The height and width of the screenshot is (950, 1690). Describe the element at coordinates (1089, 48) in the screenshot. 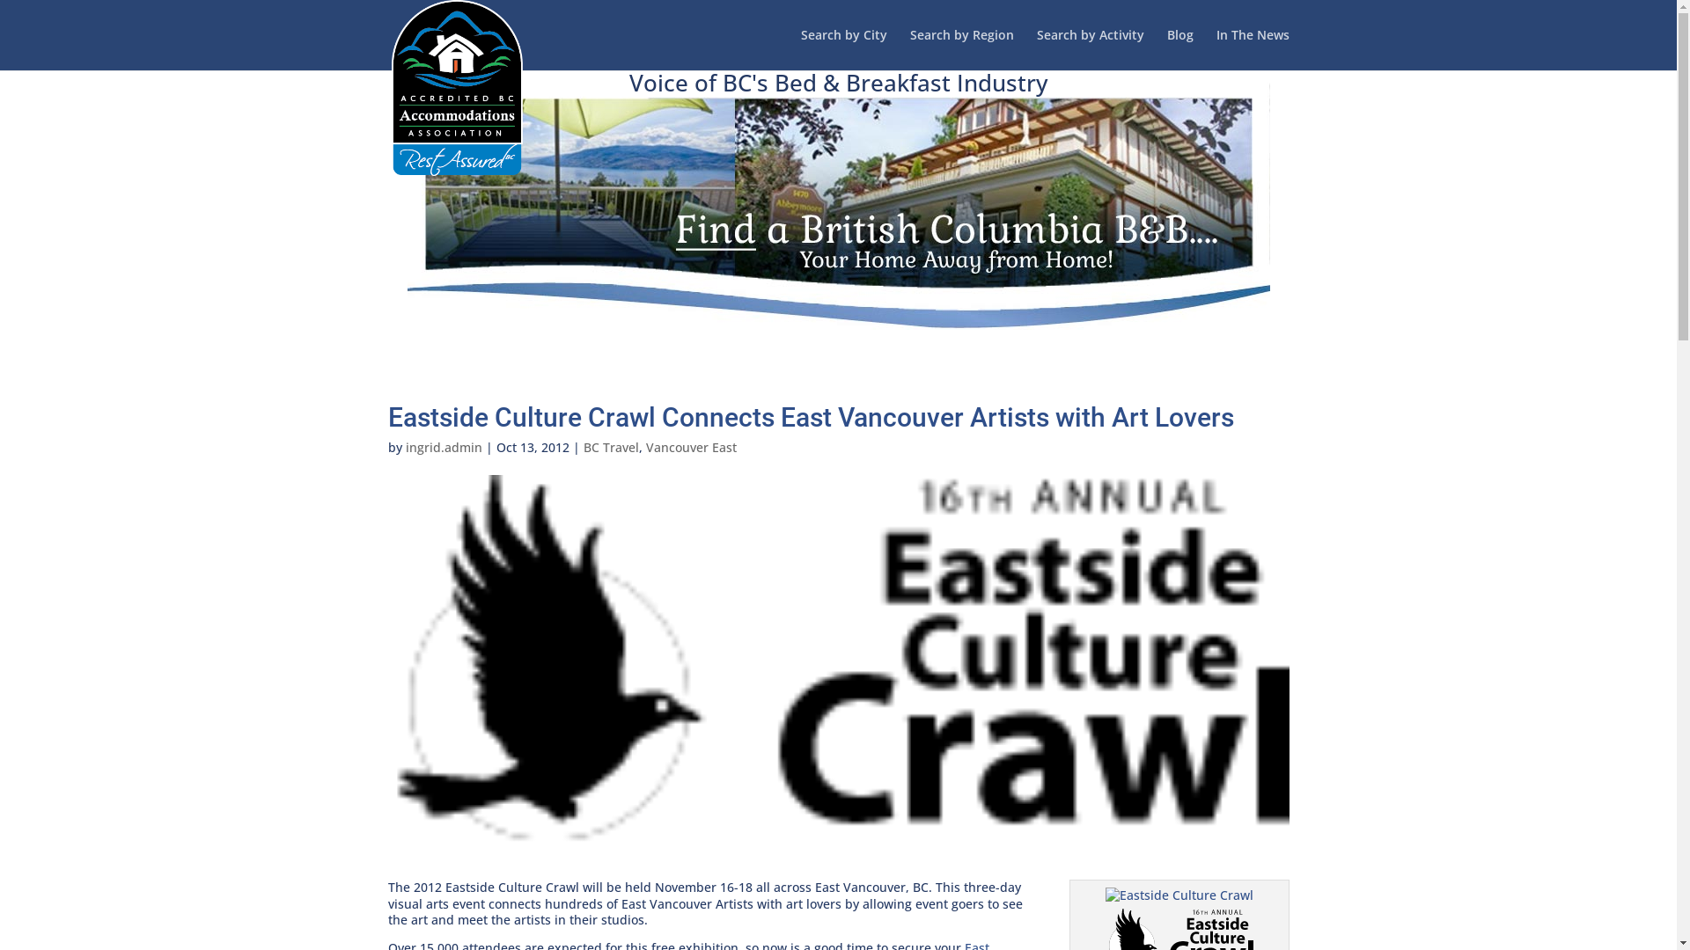

I see `'Search by Activity'` at that location.